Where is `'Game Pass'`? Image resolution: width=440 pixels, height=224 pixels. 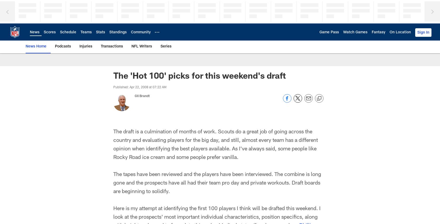
'Game Pass' is located at coordinates (329, 32).